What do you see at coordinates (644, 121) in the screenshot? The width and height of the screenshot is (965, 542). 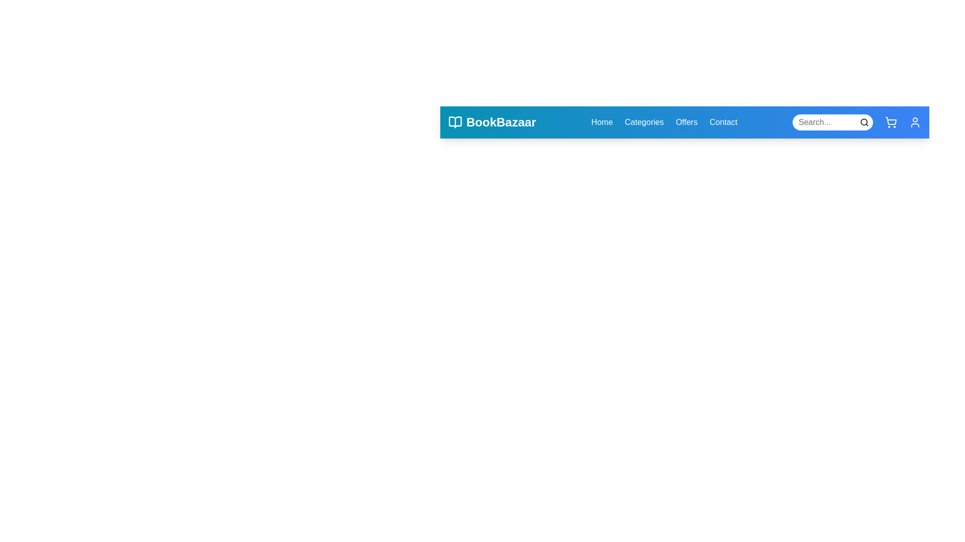 I see `the Categories navigation link` at bounding box center [644, 121].